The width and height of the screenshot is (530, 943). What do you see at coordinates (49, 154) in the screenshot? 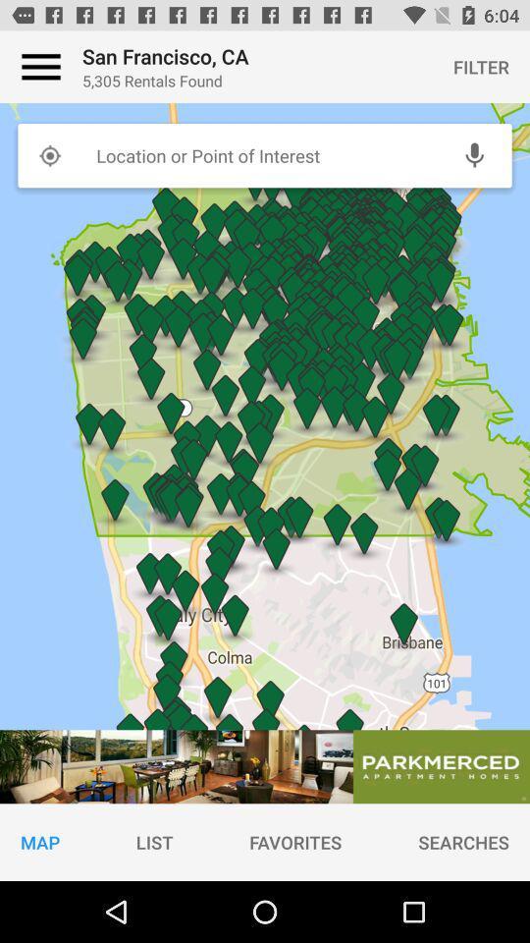
I see `the location_crosshair icon` at bounding box center [49, 154].